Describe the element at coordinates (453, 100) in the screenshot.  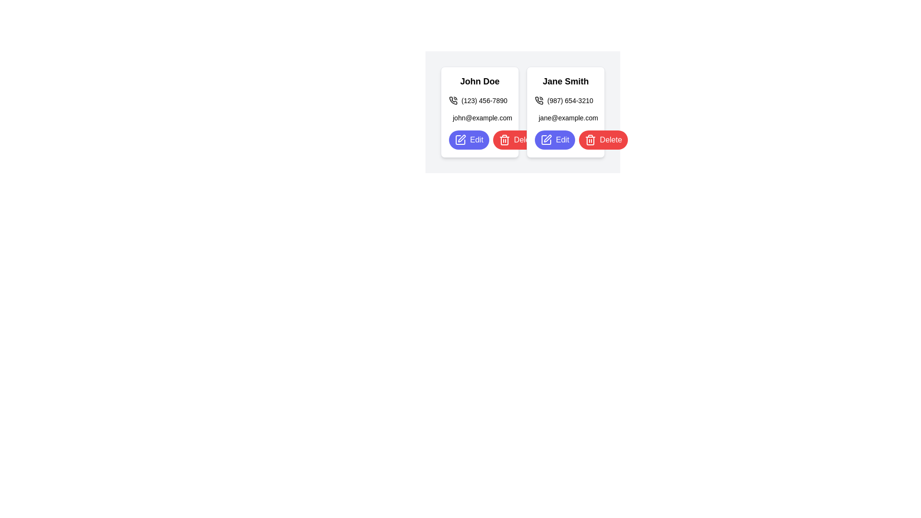
I see `the phone call icon, which is a silhouette of a phone handset with curved lines, located to the left of the phone number '(123) 456-7890' in the contact card layout` at that location.